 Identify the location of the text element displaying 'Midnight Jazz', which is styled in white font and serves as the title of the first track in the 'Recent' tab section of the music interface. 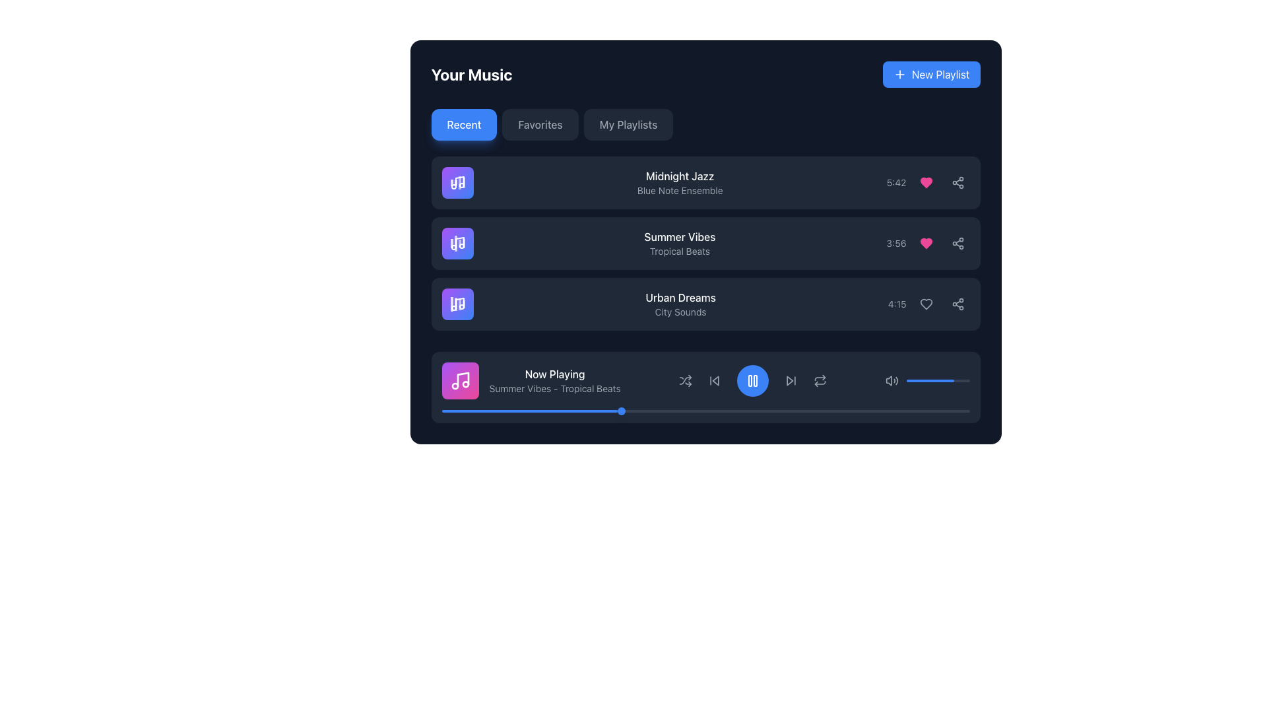
(680, 175).